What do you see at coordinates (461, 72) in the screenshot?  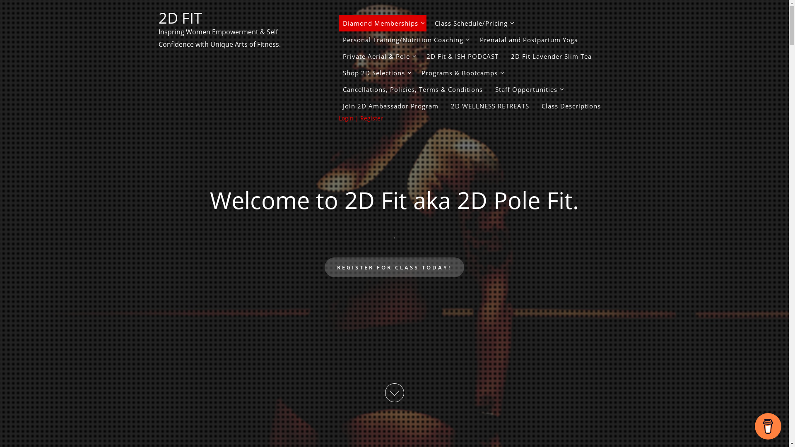 I see `'Programs & Bootcamps'` at bounding box center [461, 72].